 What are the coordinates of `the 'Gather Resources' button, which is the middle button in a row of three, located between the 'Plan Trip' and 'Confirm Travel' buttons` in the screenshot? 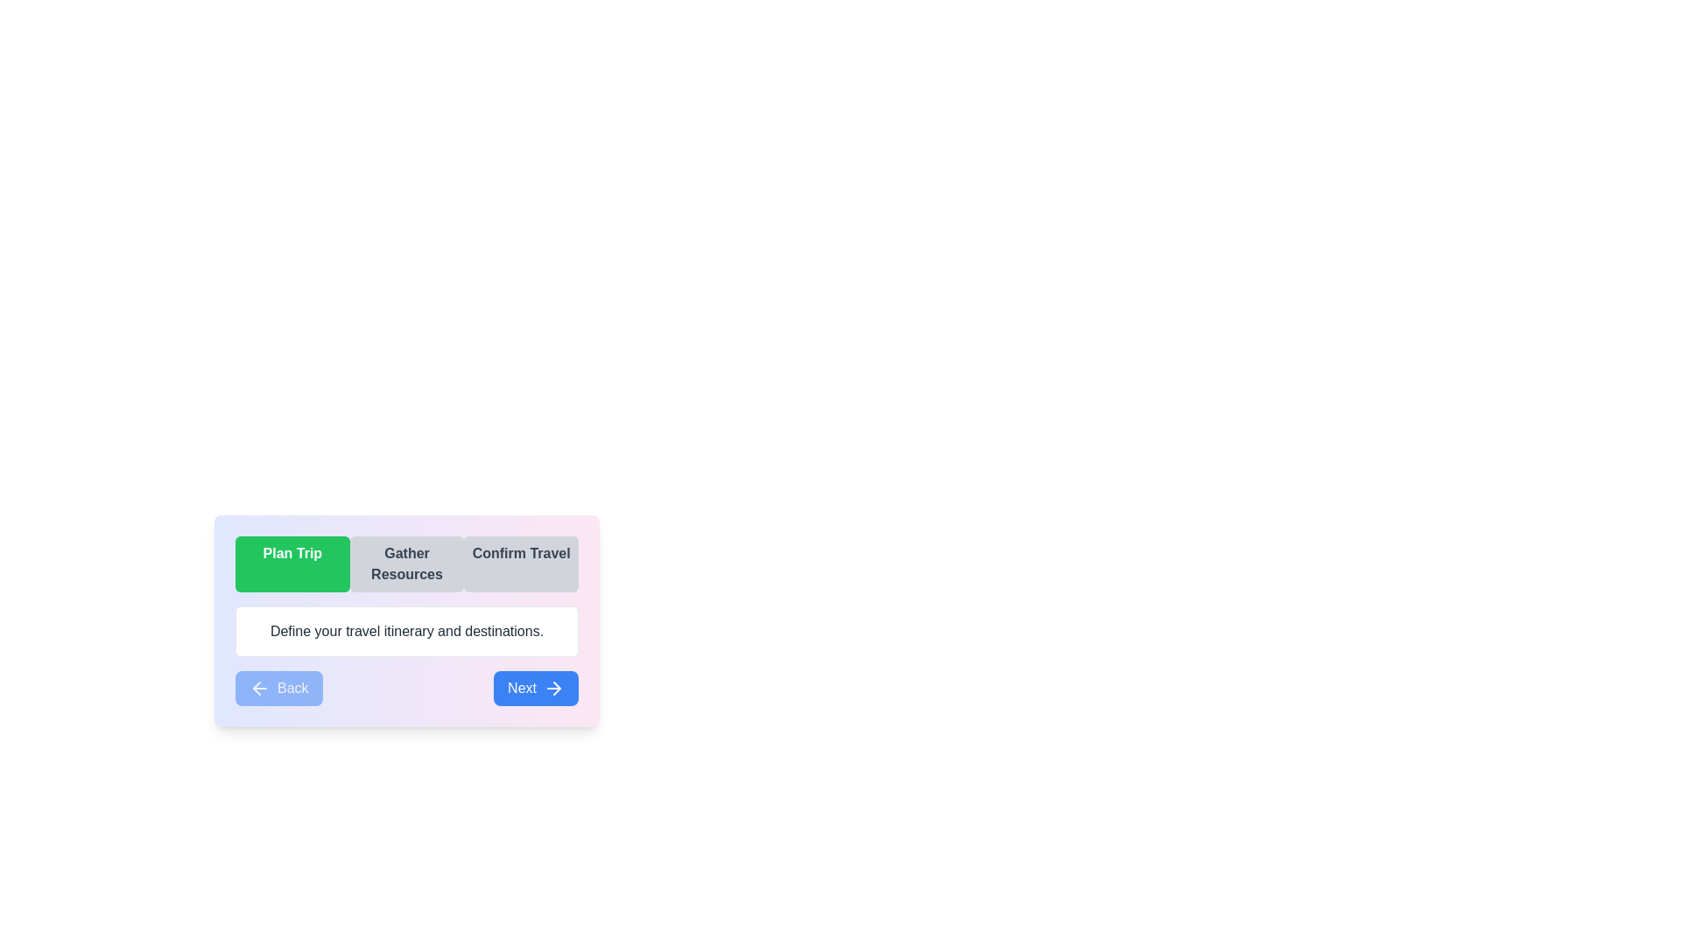 It's located at (406, 563).